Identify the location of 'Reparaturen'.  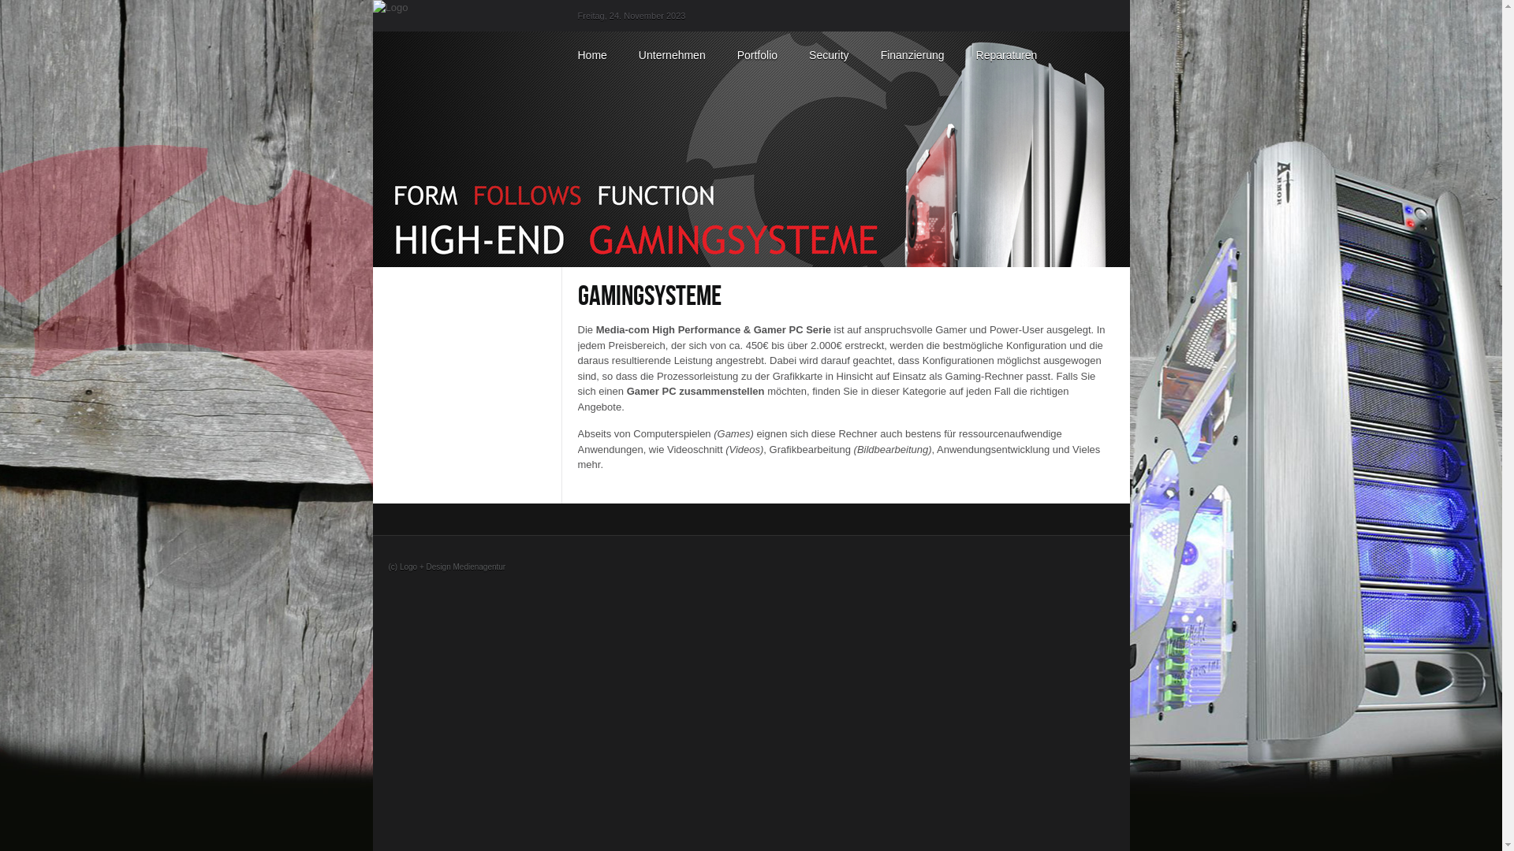
(1005, 54).